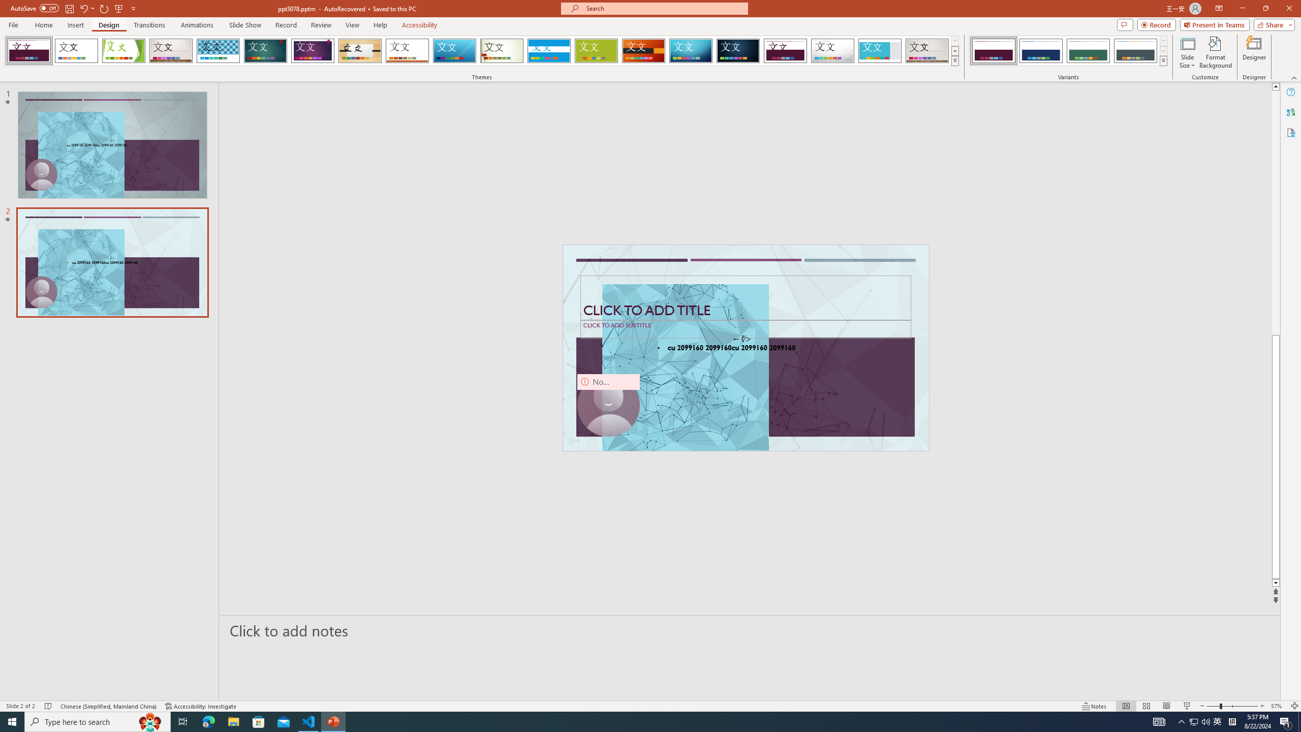 The image size is (1301, 732). I want to click on 'Ion Boardroom', so click(313, 50).